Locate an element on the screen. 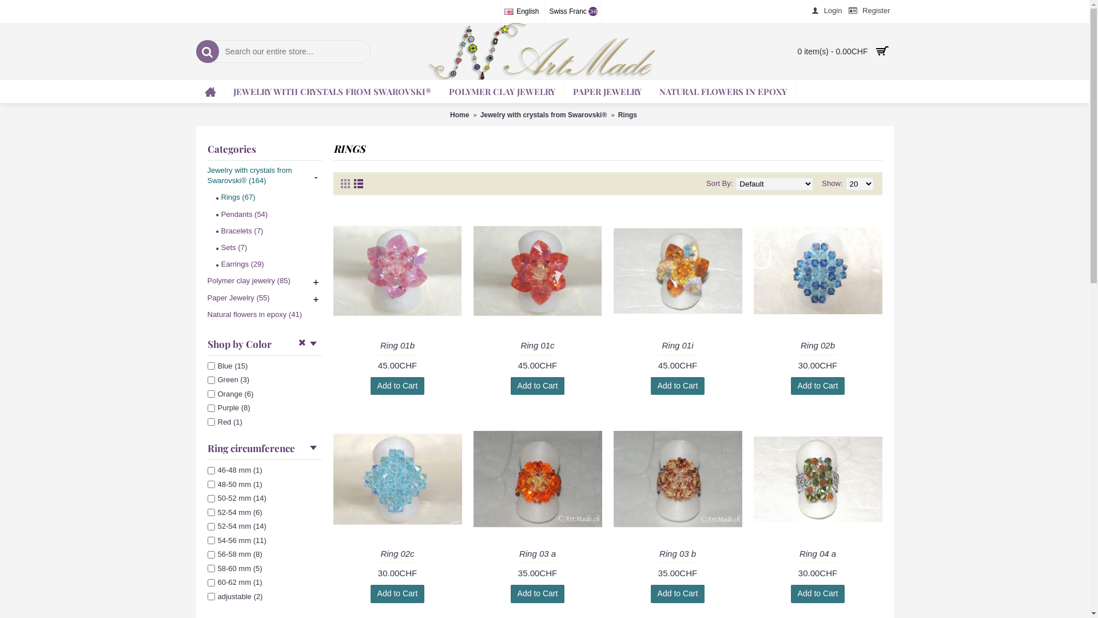 The width and height of the screenshot is (1098, 618). 'Ring 01b' is located at coordinates (397, 271).